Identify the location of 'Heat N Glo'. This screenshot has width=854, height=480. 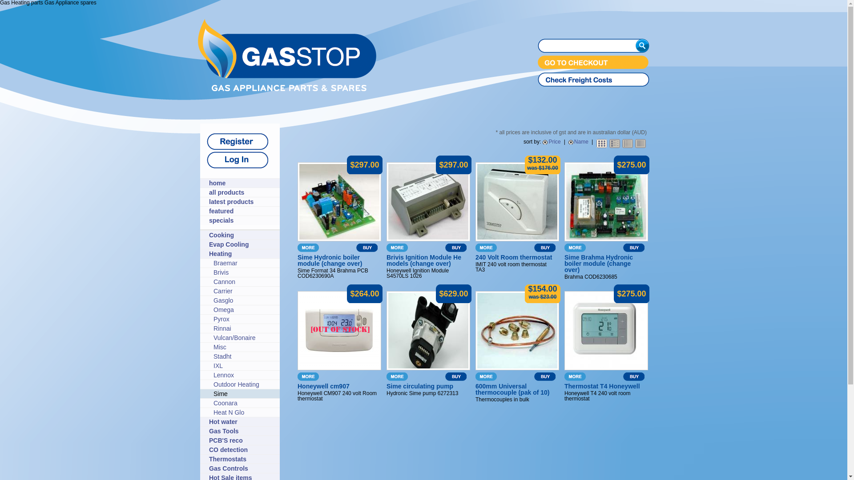
(244, 412).